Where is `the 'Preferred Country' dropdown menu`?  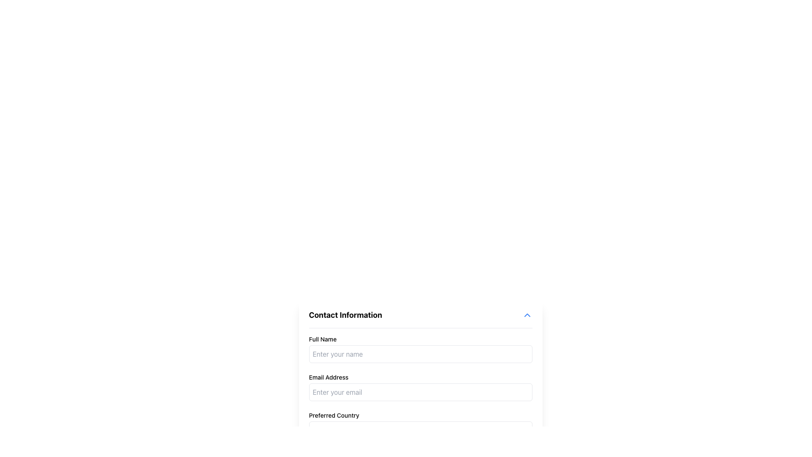
the 'Preferred Country' dropdown menu is located at coordinates (420, 424).